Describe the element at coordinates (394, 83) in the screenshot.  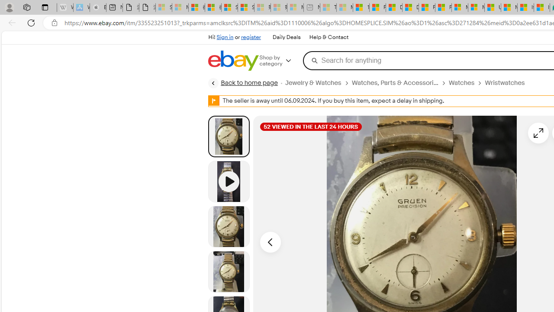
I see `'Watches, Parts & Accessories'` at that location.